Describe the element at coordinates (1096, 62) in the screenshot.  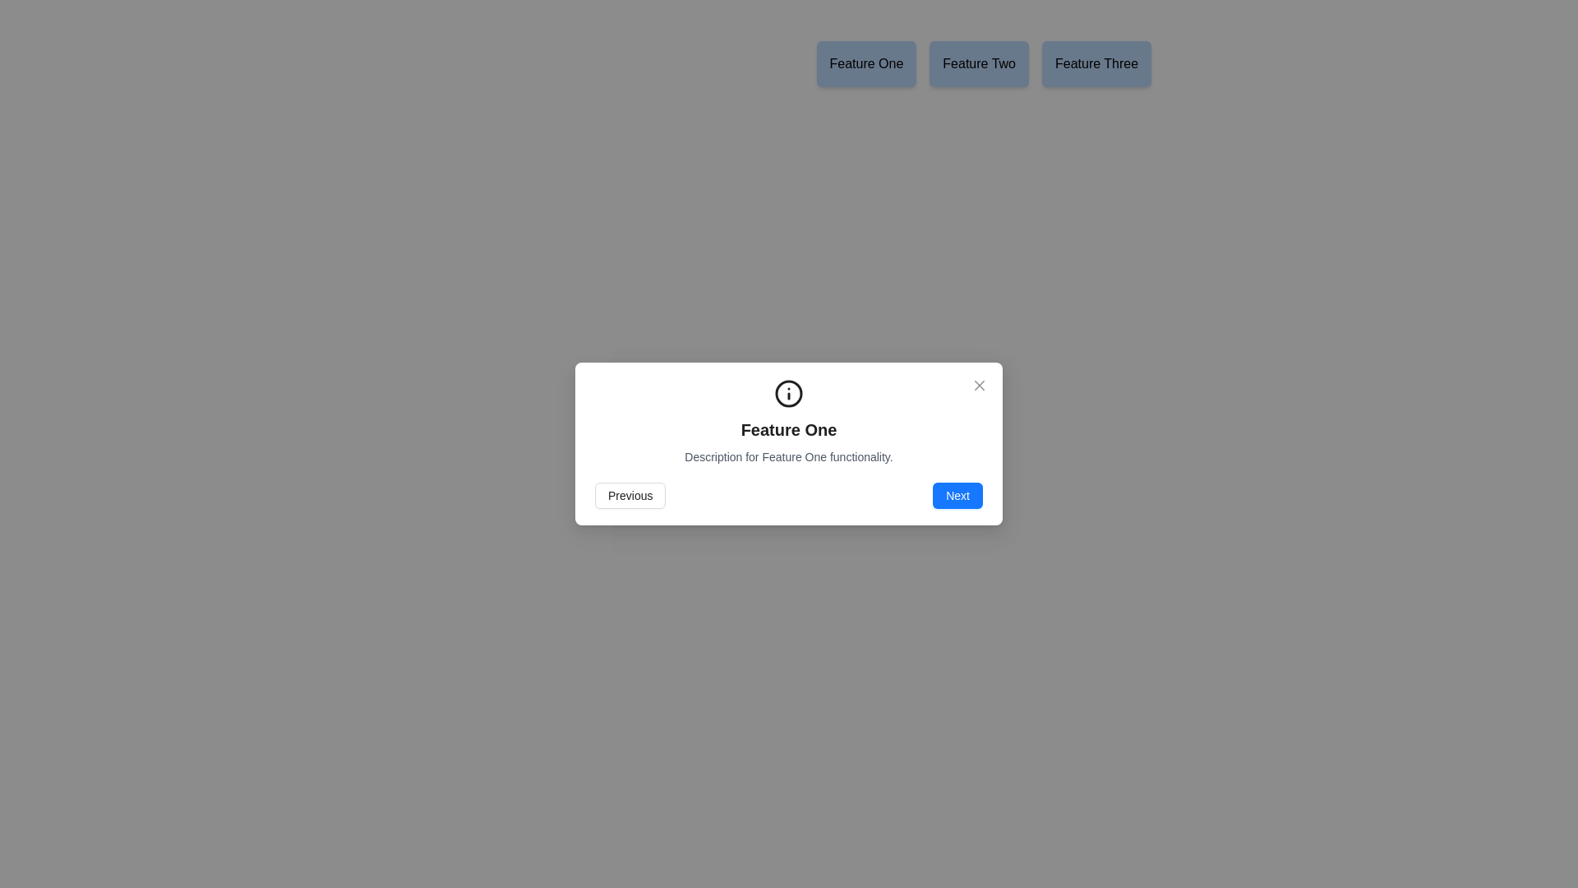
I see `the 'Feature Three' button, which is a light blue rectangular button with rounded corners and the text 'Feature Three' in bold black font` at that location.